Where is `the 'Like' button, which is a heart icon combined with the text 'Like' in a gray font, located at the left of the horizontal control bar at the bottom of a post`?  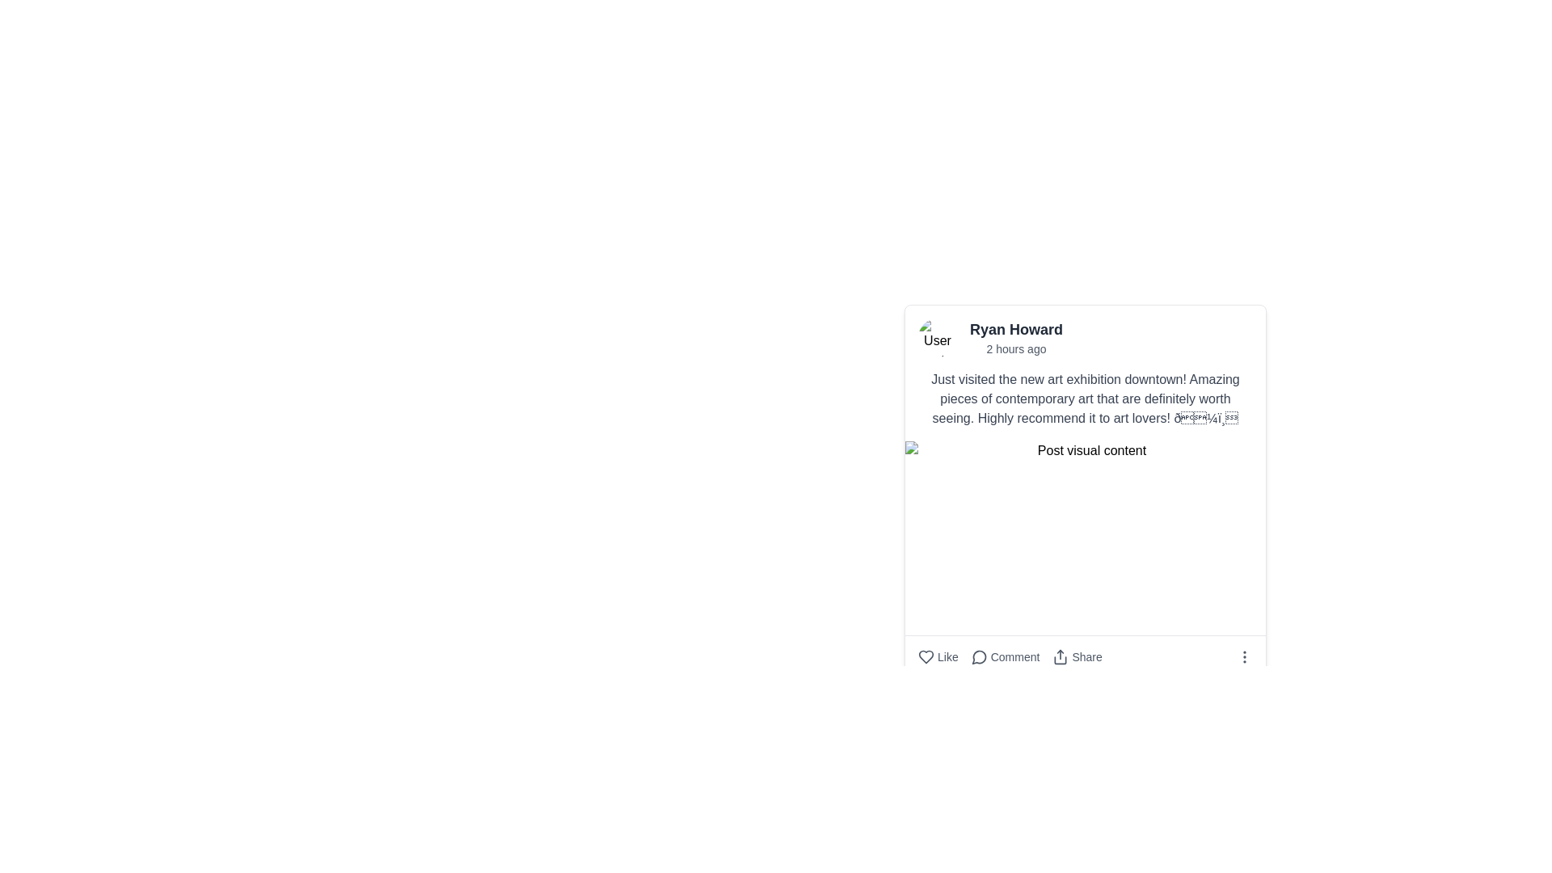
the 'Like' button, which is a heart icon combined with the text 'Like' in a gray font, located at the left of the horizontal control bar at the bottom of a post is located at coordinates (938, 657).